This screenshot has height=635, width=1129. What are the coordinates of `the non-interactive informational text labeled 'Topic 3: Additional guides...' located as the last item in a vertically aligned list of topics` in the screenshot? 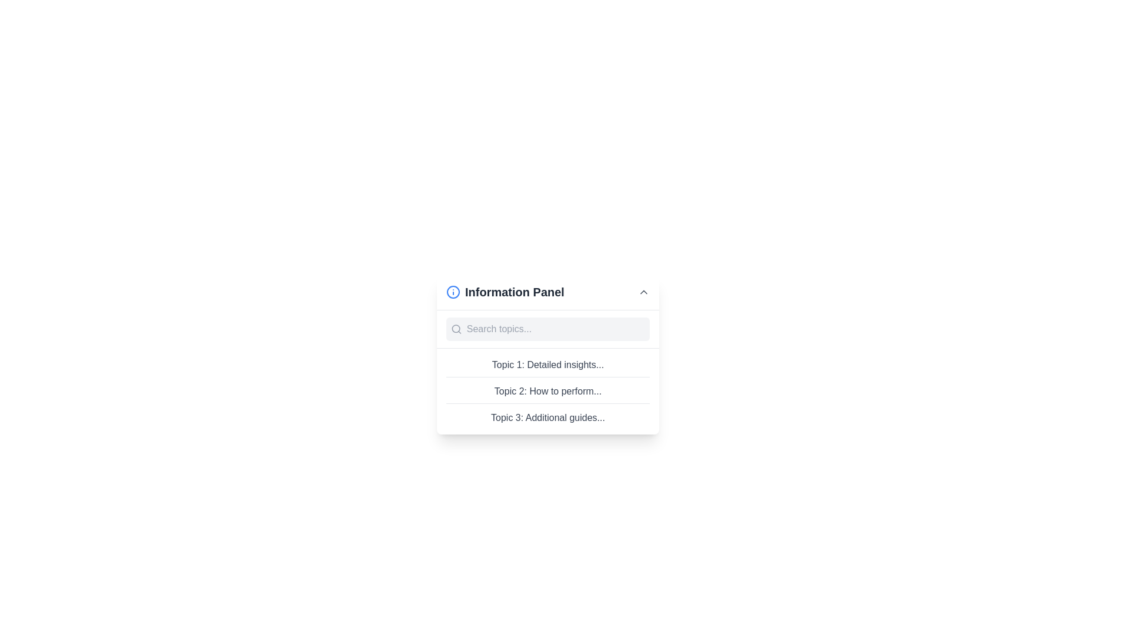 It's located at (547, 417).